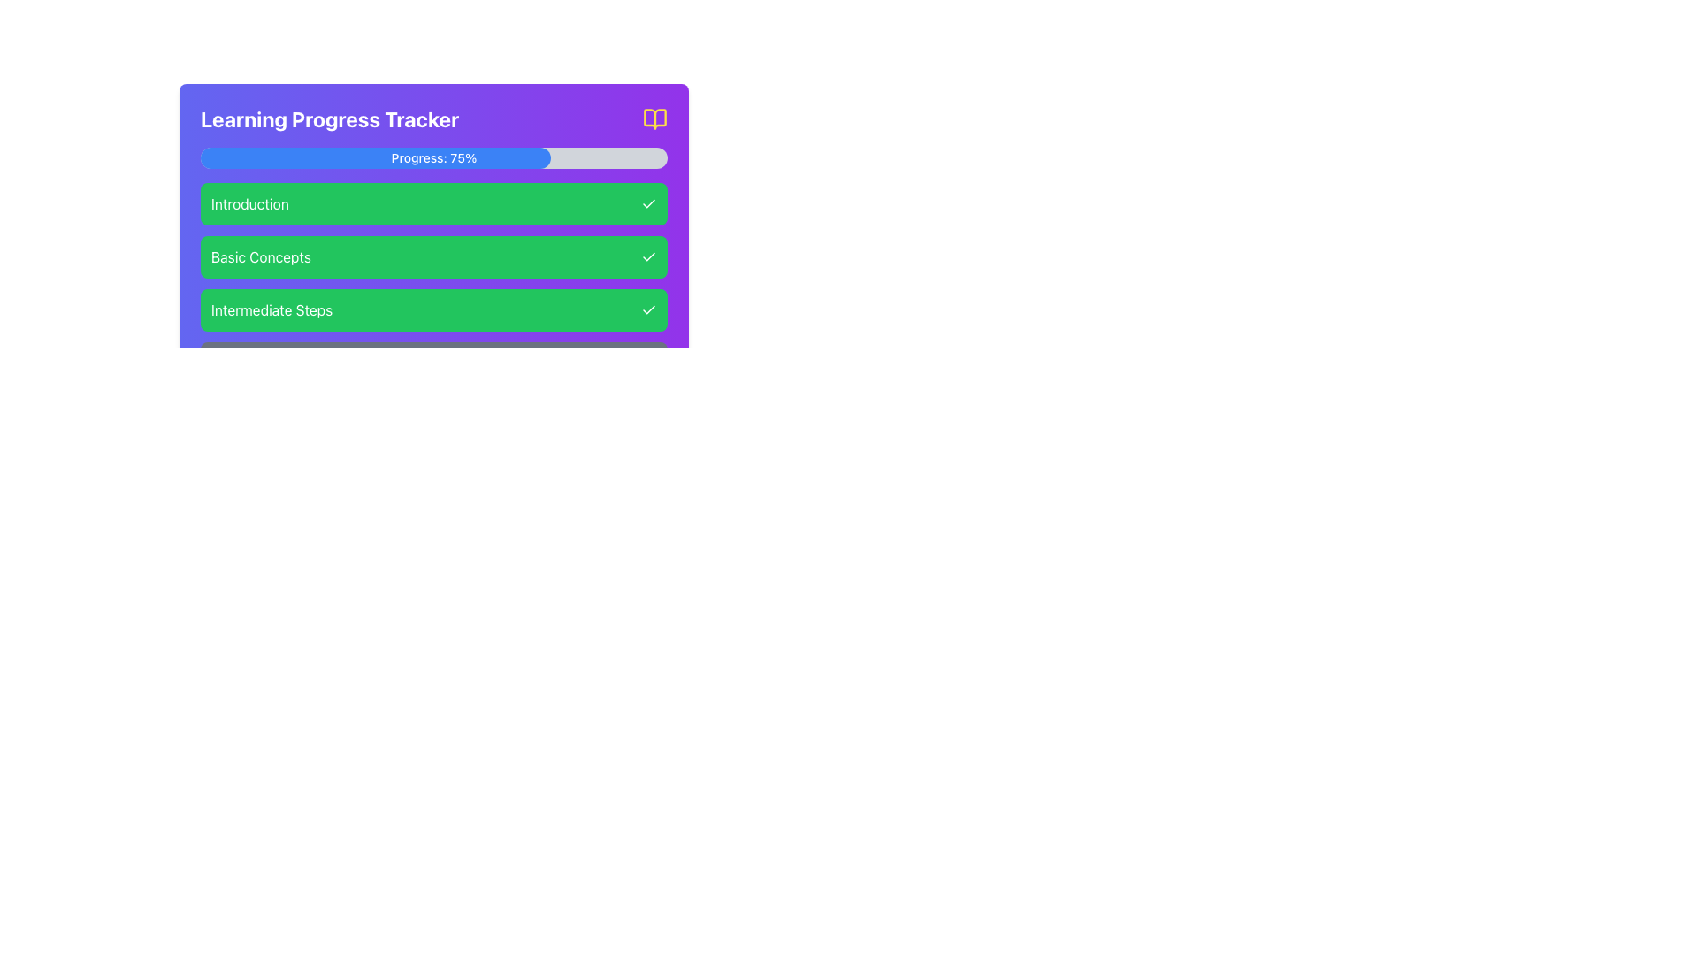  Describe the element at coordinates (654, 119) in the screenshot. I see `the icon located at the top-right corner of the interface, adjacent to the title 'Learning Progress Tracker'` at that location.